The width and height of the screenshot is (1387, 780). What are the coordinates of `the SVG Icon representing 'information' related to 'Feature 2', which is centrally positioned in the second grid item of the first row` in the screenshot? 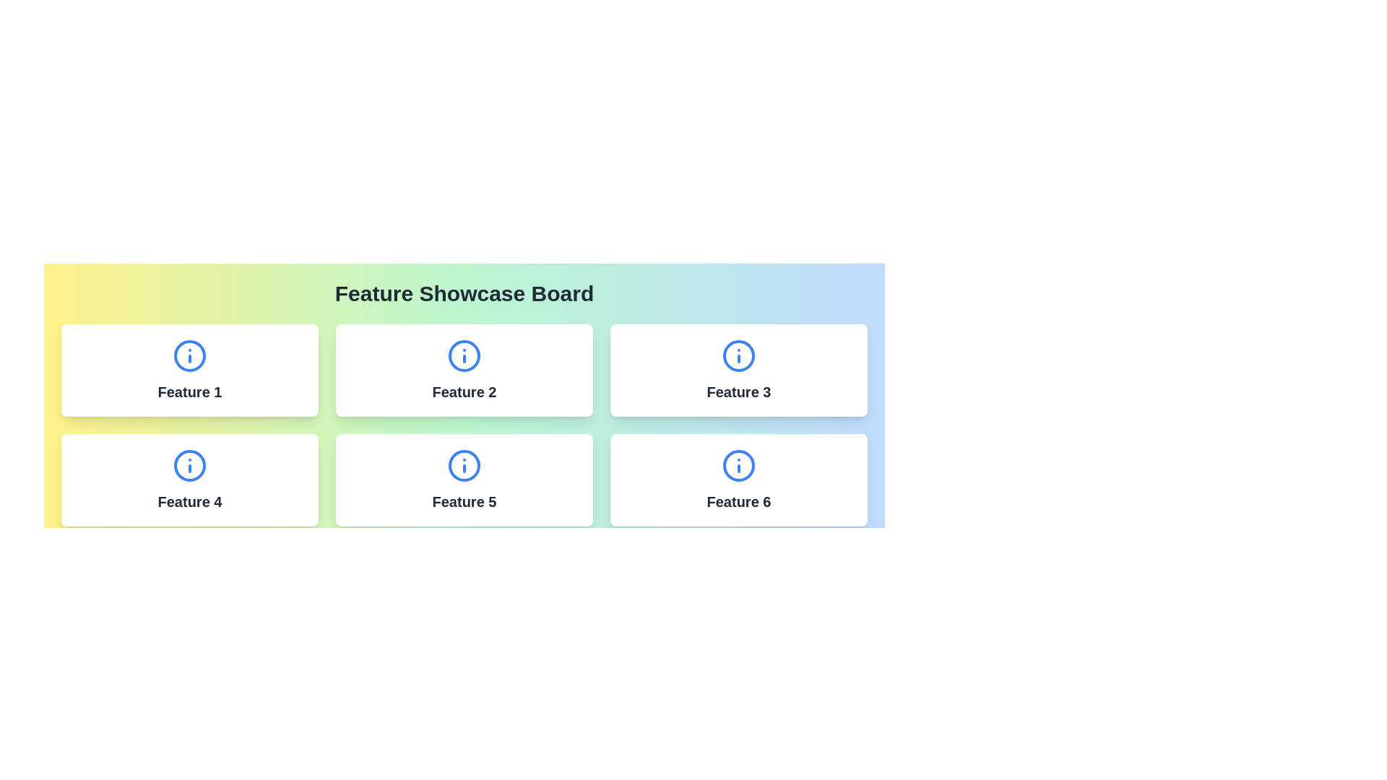 It's located at (465, 356).